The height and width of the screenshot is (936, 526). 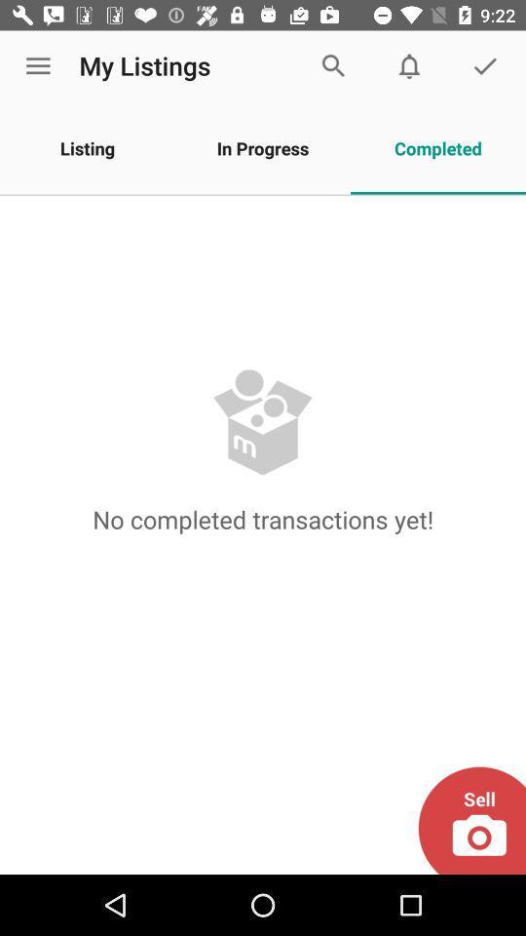 I want to click on camera option, so click(x=470, y=819).